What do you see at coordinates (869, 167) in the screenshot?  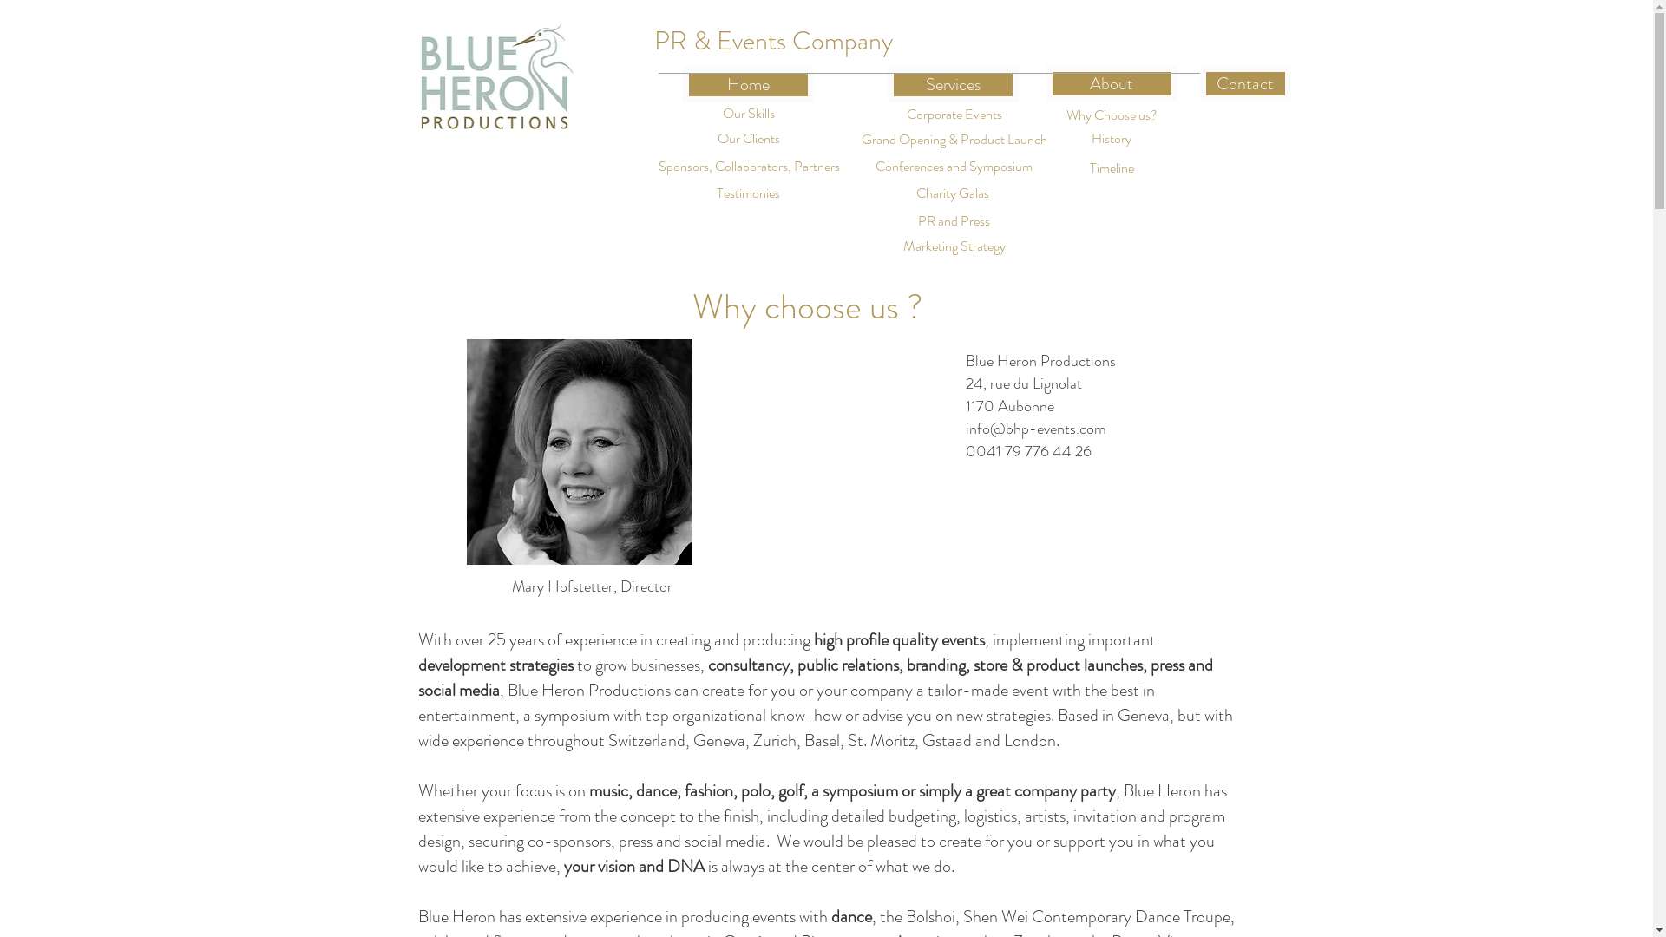 I see `'Conferences and Symposium'` at bounding box center [869, 167].